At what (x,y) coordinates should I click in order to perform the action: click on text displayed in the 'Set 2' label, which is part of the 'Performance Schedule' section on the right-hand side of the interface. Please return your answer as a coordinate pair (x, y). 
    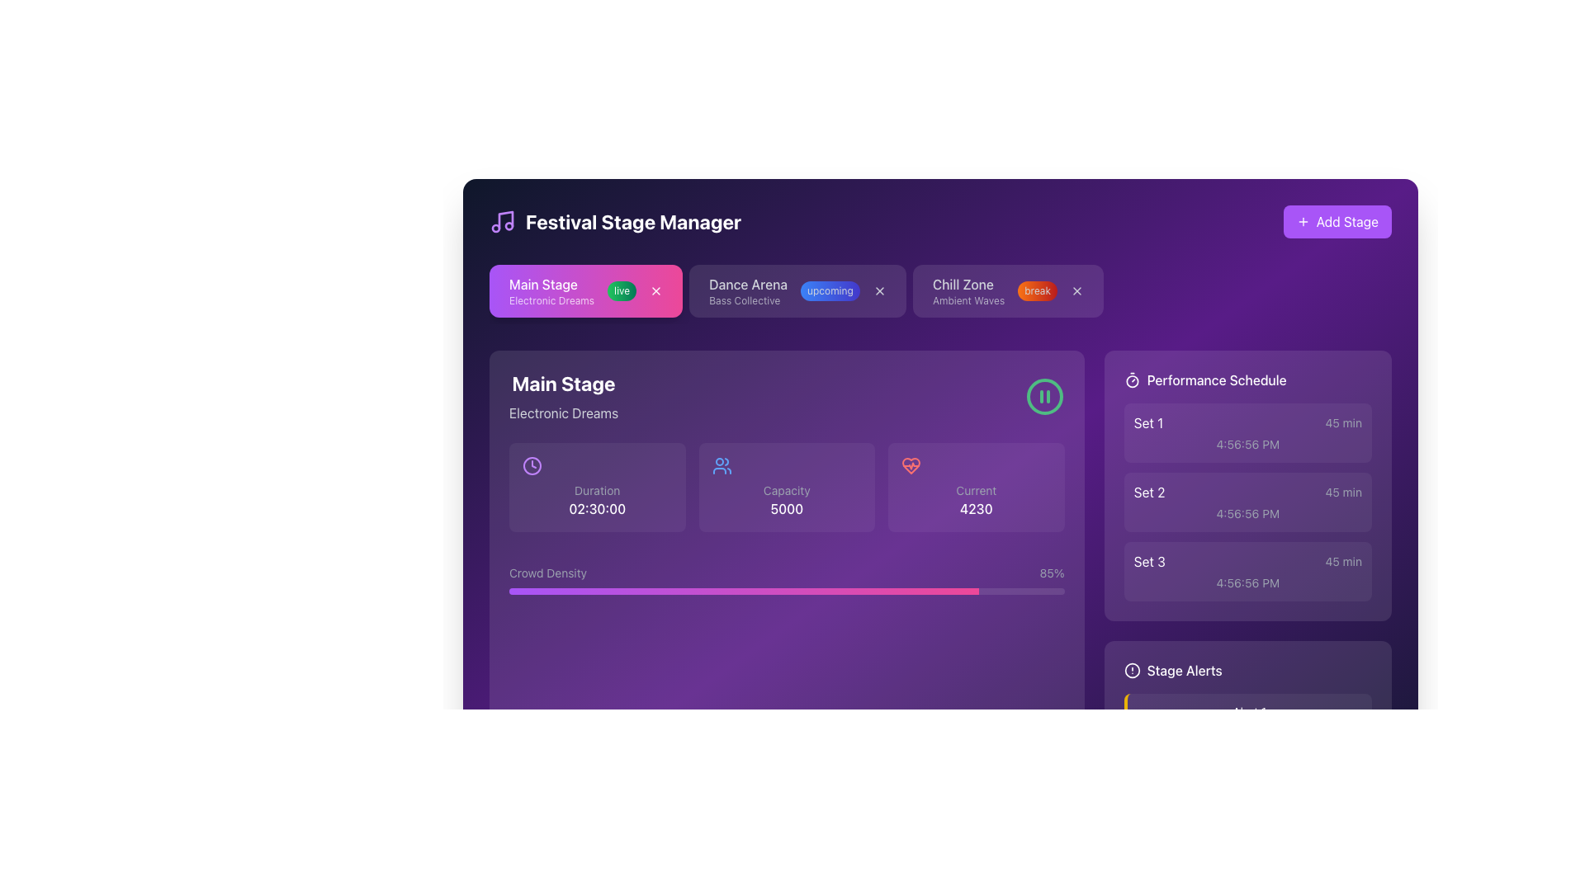
    Looking at the image, I should click on (1148, 492).